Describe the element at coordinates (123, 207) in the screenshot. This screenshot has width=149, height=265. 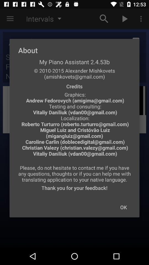
I see `icon below the please do not item` at that location.